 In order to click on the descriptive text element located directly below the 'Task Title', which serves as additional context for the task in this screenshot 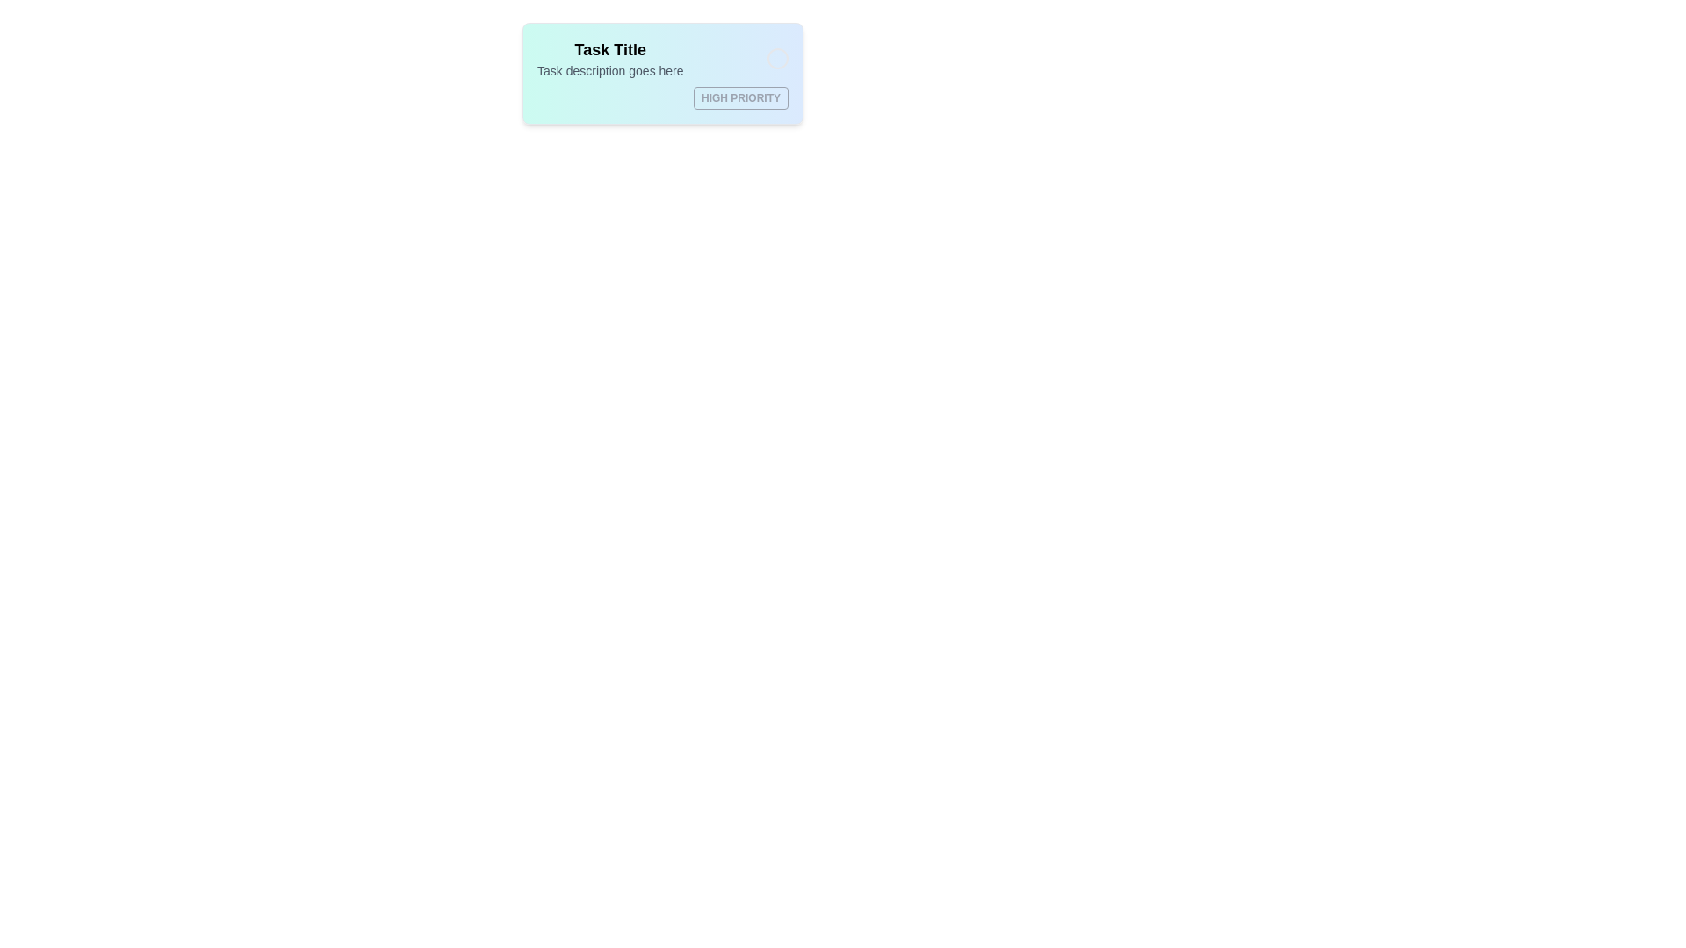, I will do `click(610, 70)`.